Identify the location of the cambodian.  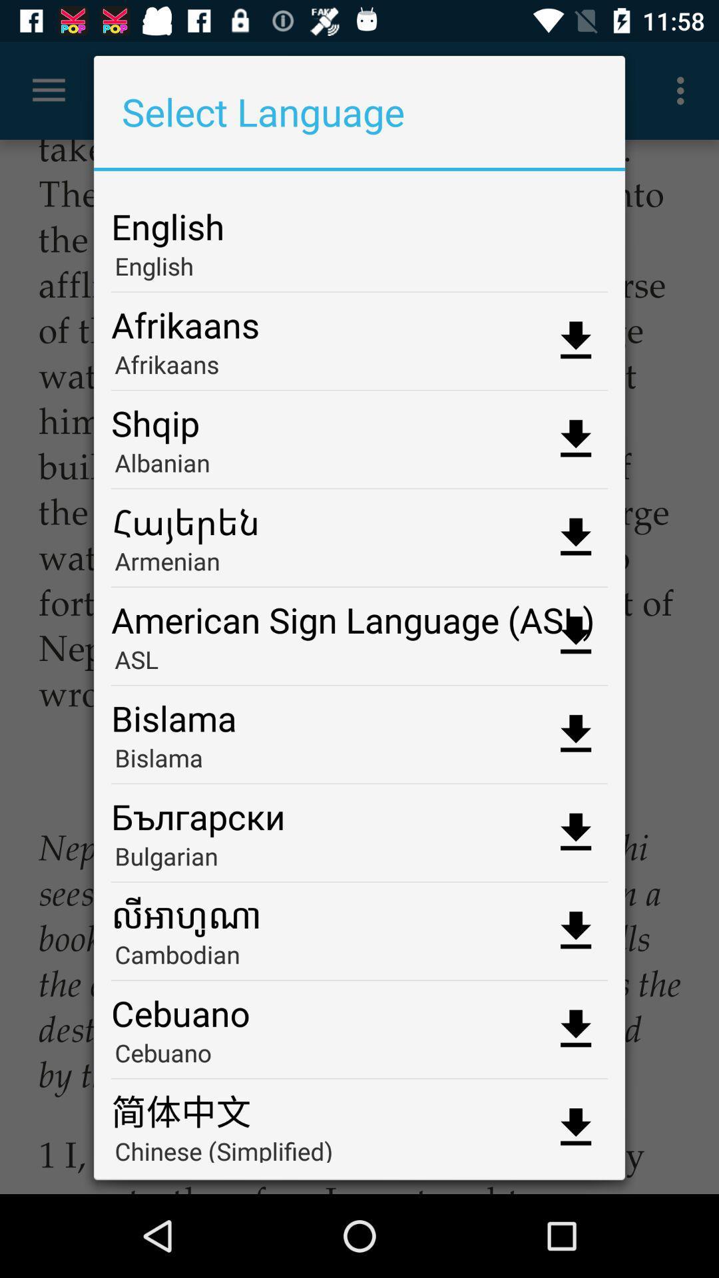
(359, 958).